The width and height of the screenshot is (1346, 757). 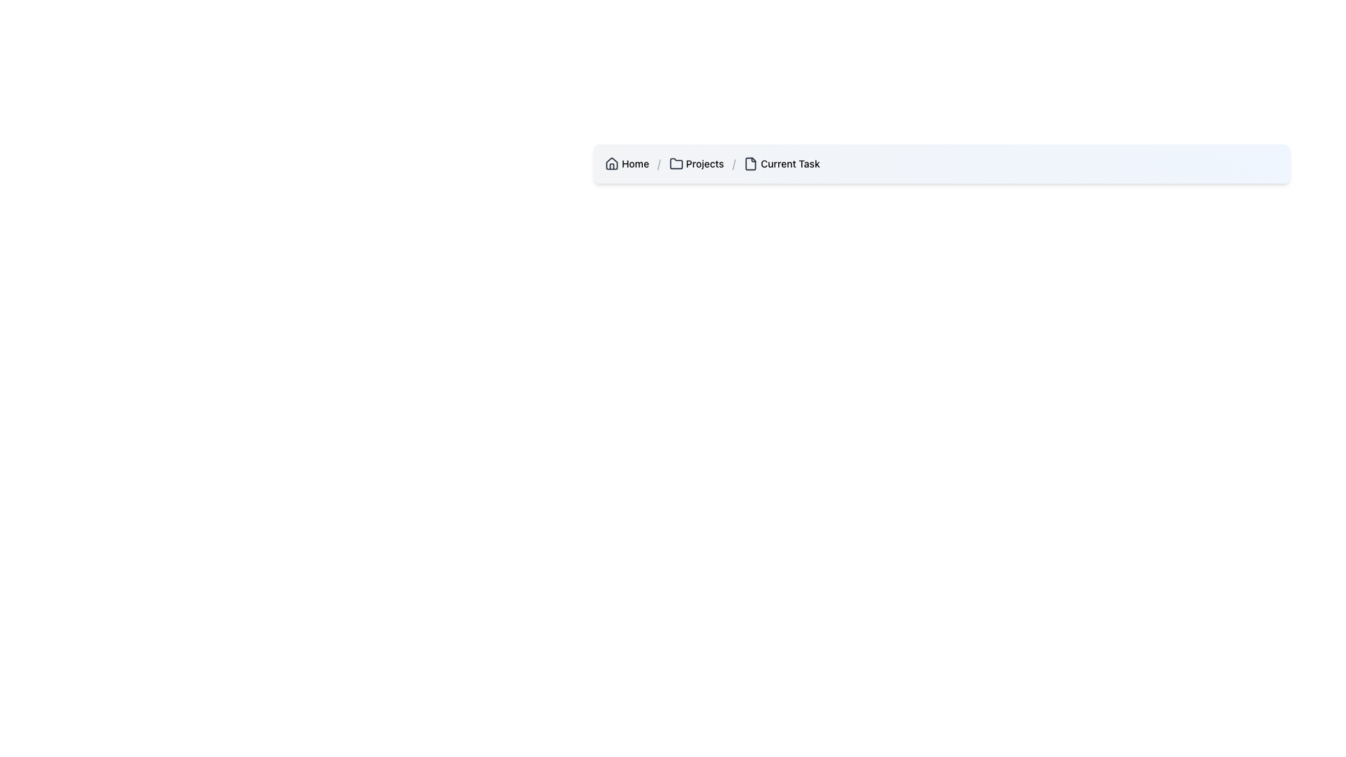 I want to click on the house icon represented by geometric shapes in the breadcrumb navigation at the top left of the interface, so click(x=612, y=162).